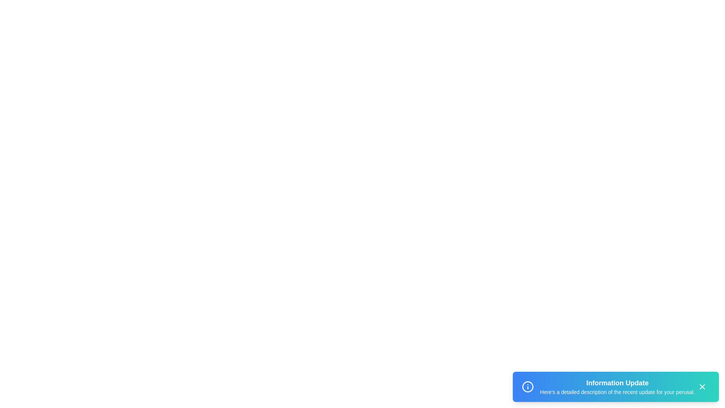 This screenshot has height=408, width=725. Describe the element at coordinates (702, 386) in the screenshot. I see `the close button to dismiss the notification` at that location.